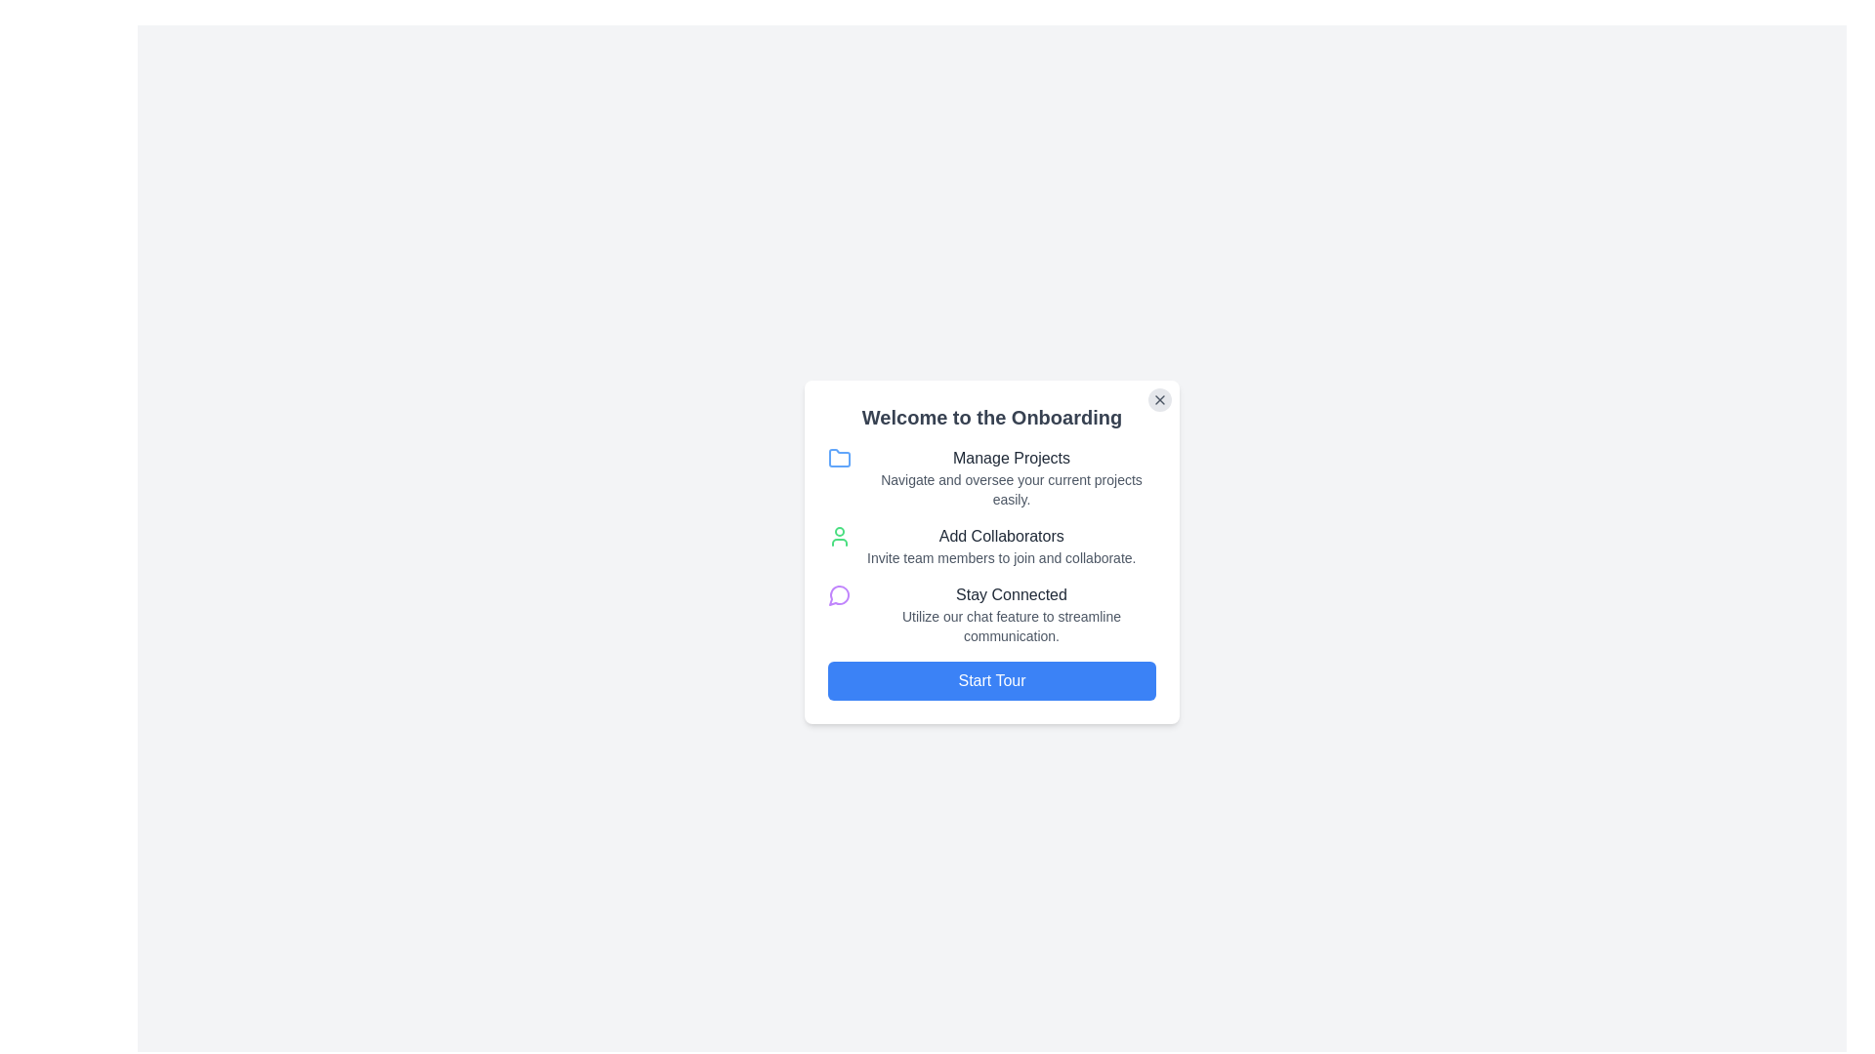 Image resolution: width=1875 pixels, height=1054 pixels. What do you see at coordinates (839, 594) in the screenshot?
I see `the 'Stay Connected' icon, which is the third icon in the column of icons positioned to the left of the onboarding text under the 'Welcome to the Onboarding' heading` at bounding box center [839, 594].